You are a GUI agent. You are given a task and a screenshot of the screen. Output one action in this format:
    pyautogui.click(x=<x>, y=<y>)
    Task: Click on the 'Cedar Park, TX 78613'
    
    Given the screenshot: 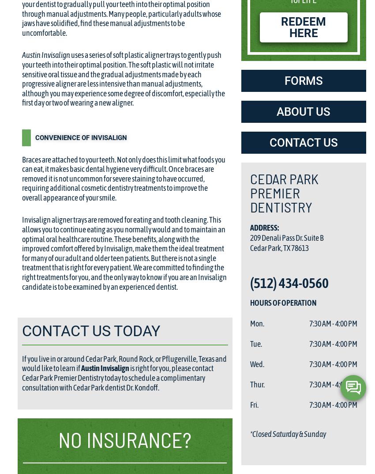 What is the action you would take?
    pyautogui.click(x=250, y=248)
    